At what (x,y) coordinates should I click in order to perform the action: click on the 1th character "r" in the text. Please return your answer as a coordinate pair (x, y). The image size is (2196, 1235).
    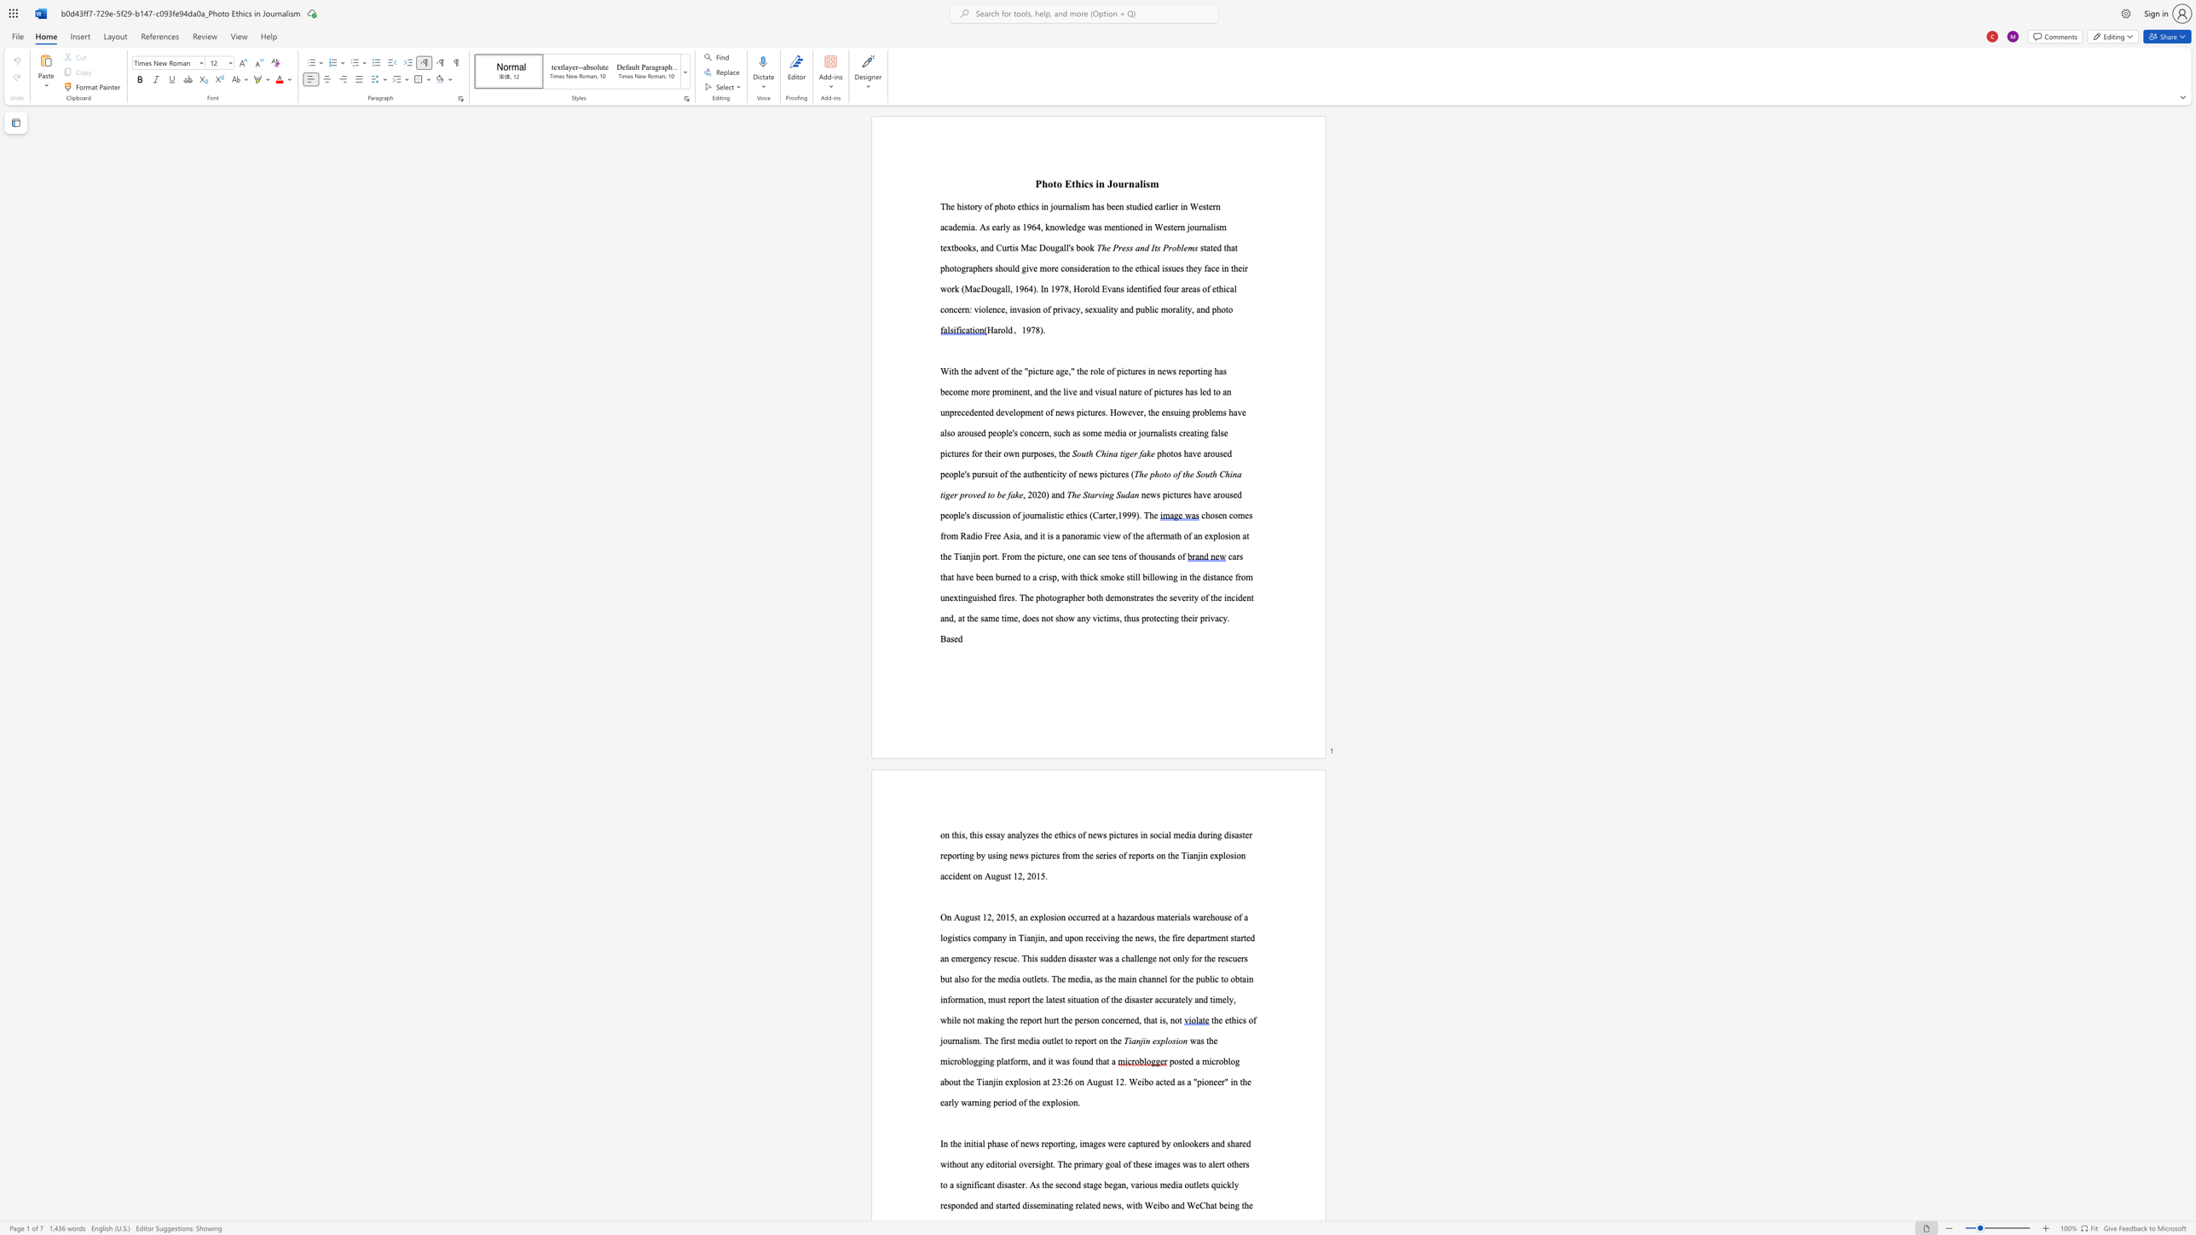
    Looking at the image, I should click on (1085, 287).